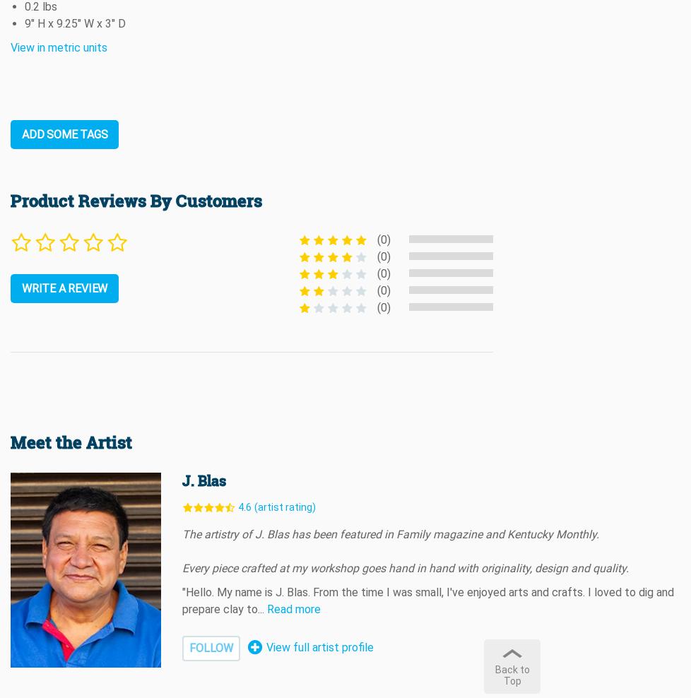 The width and height of the screenshot is (691, 698). I want to click on 'J. Blas', so click(203, 480).